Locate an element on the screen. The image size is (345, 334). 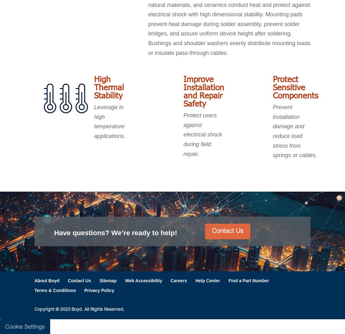
'Have questions? We’re ready to help!' is located at coordinates (54, 232).